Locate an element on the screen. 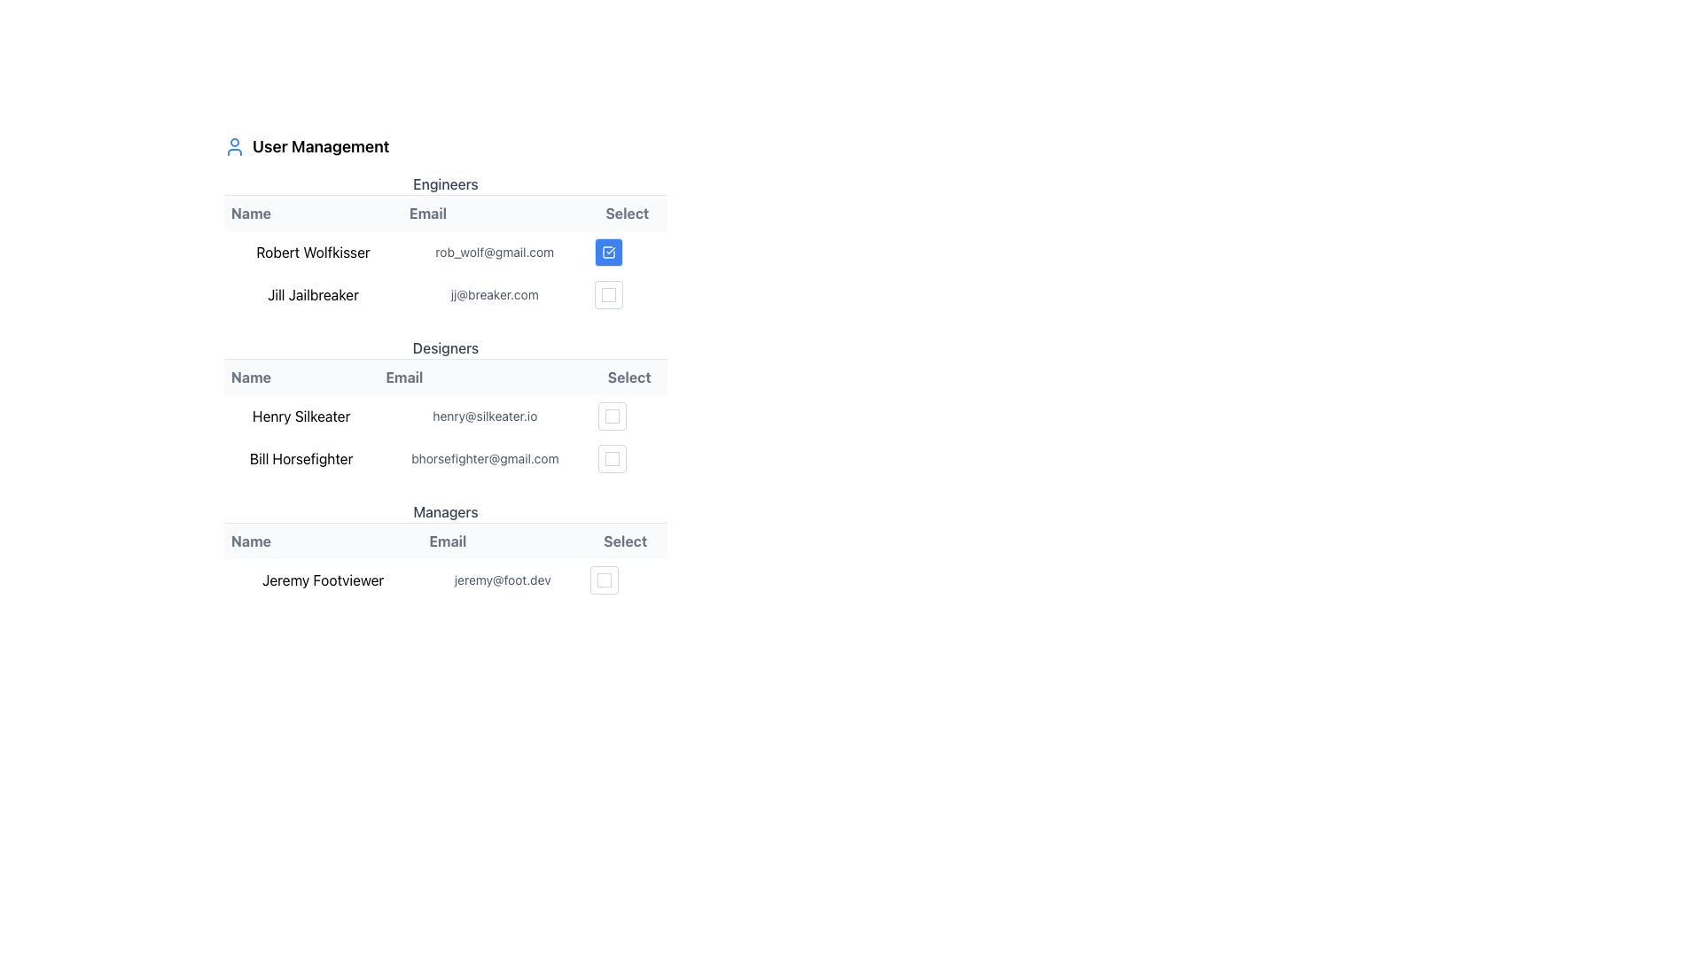 The image size is (1702, 957). the static text display showing the email address of a person listed under the 'Managers' section, located in the second column titled 'Email' is located at coordinates (502, 580).